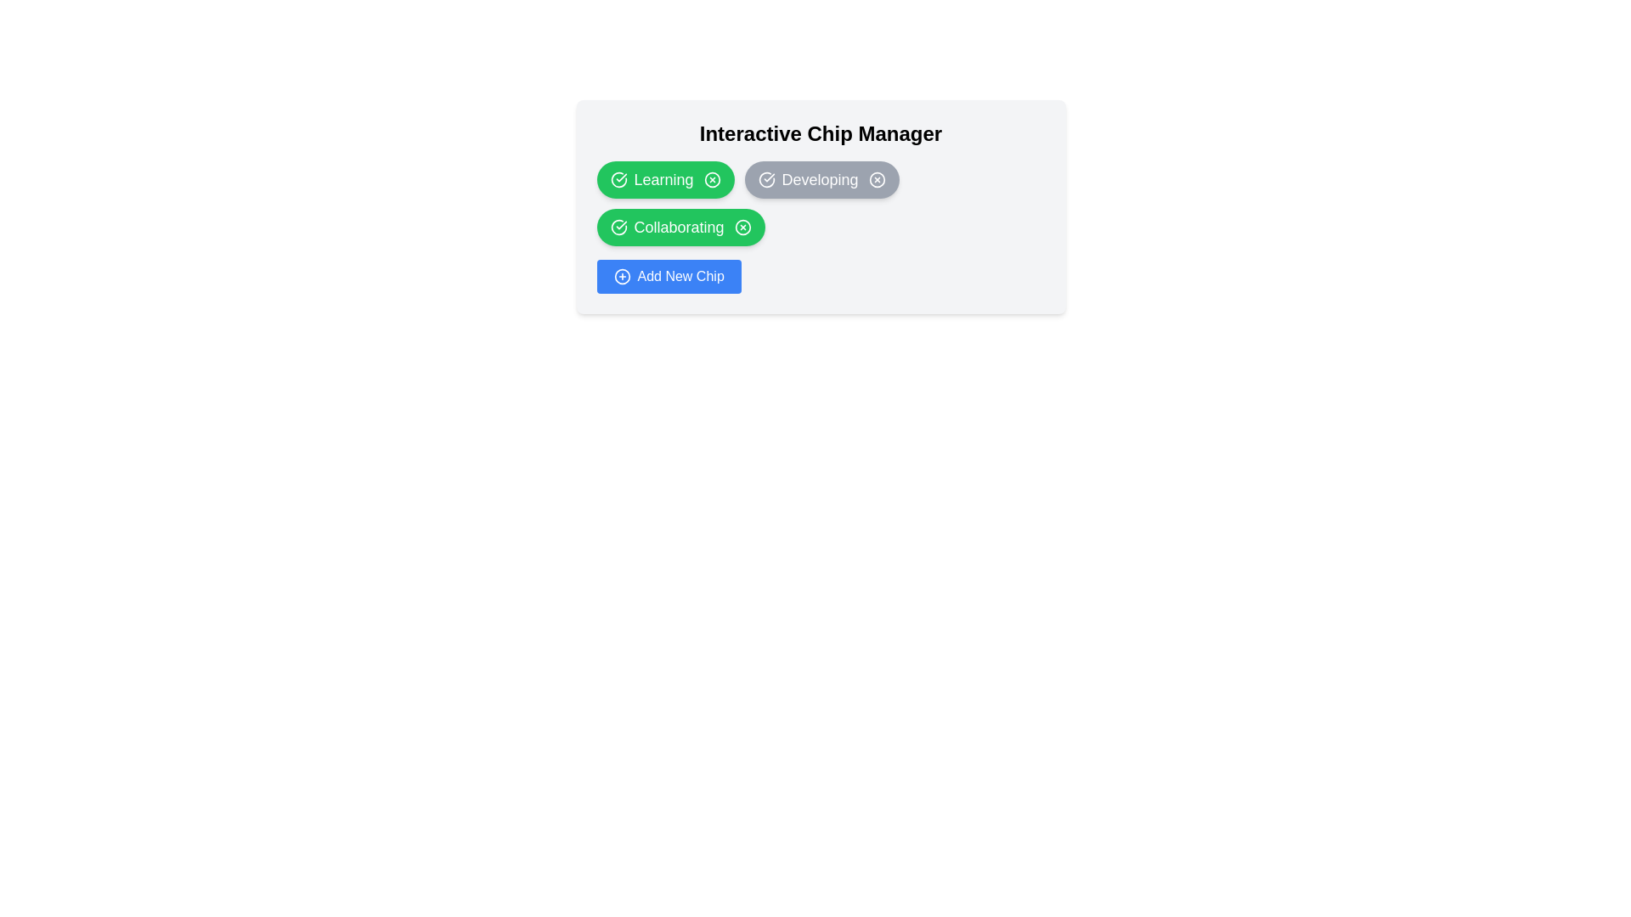 The height and width of the screenshot is (917, 1631). Describe the element at coordinates (621, 276) in the screenshot. I see `the 'Add New Chip' icon located on the left side of the label text within the button in the bottom-left corner of the chip area` at that location.